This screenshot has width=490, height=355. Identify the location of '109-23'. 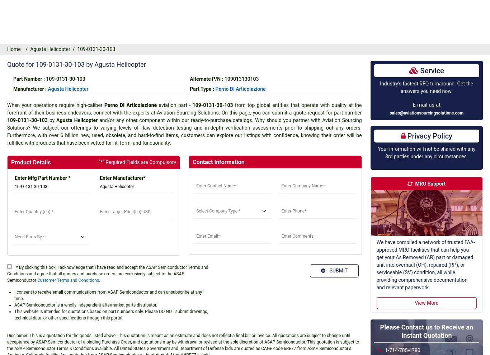
(20, 29).